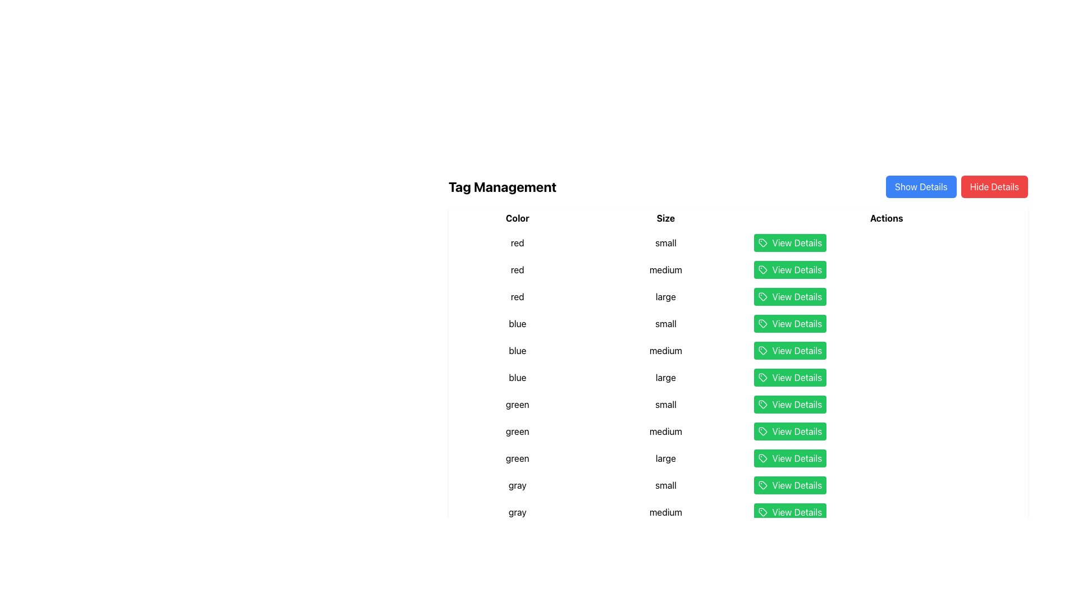 The image size is (1078, 606). I want to click on the text label displaying 'Actions' in bold and black font, located in the header row of a table, aligned in the third column, so click(886, 218).